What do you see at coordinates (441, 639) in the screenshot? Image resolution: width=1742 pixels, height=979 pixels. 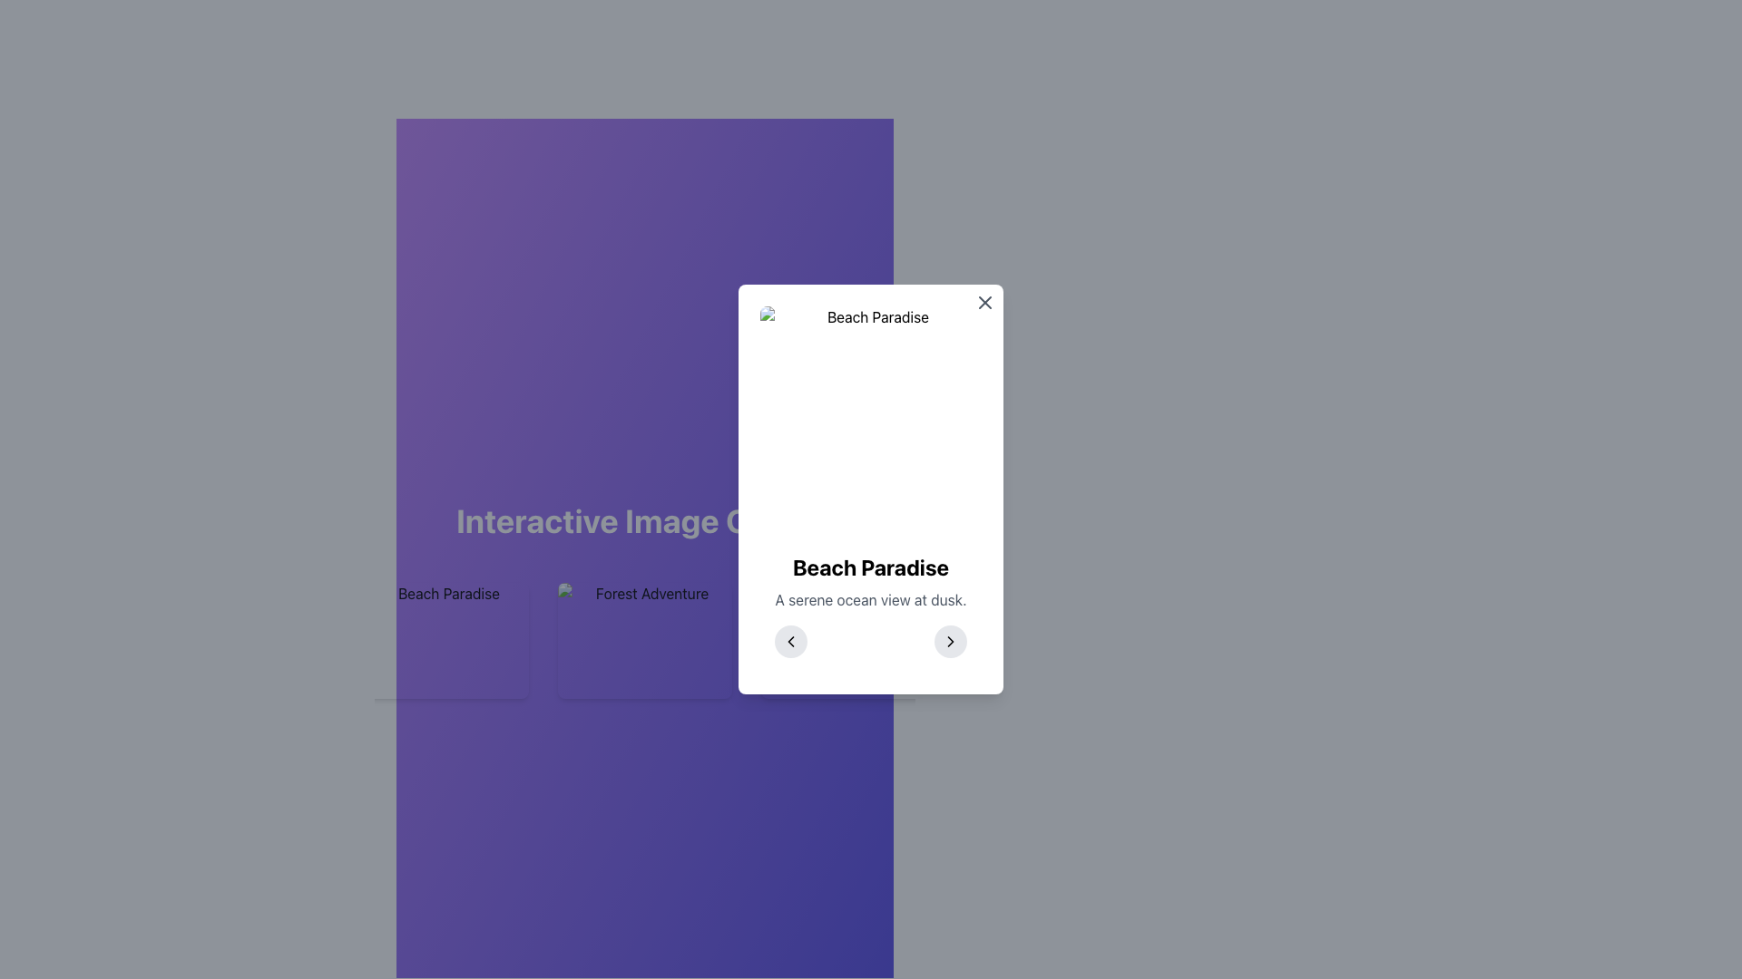 I see `the clickable image item labeled 'Beach Paradise' to observe the scaling effect` at bounding box center [441, 639].